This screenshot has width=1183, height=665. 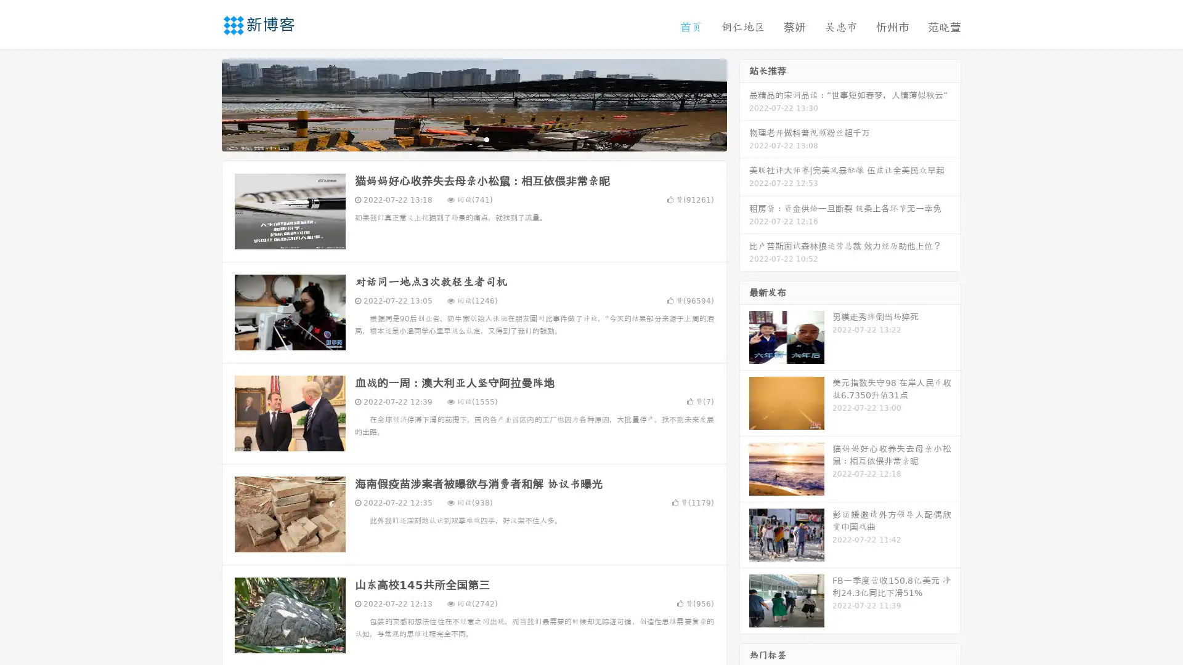 I want to click on Previous slide, so click(x=203, y=103).